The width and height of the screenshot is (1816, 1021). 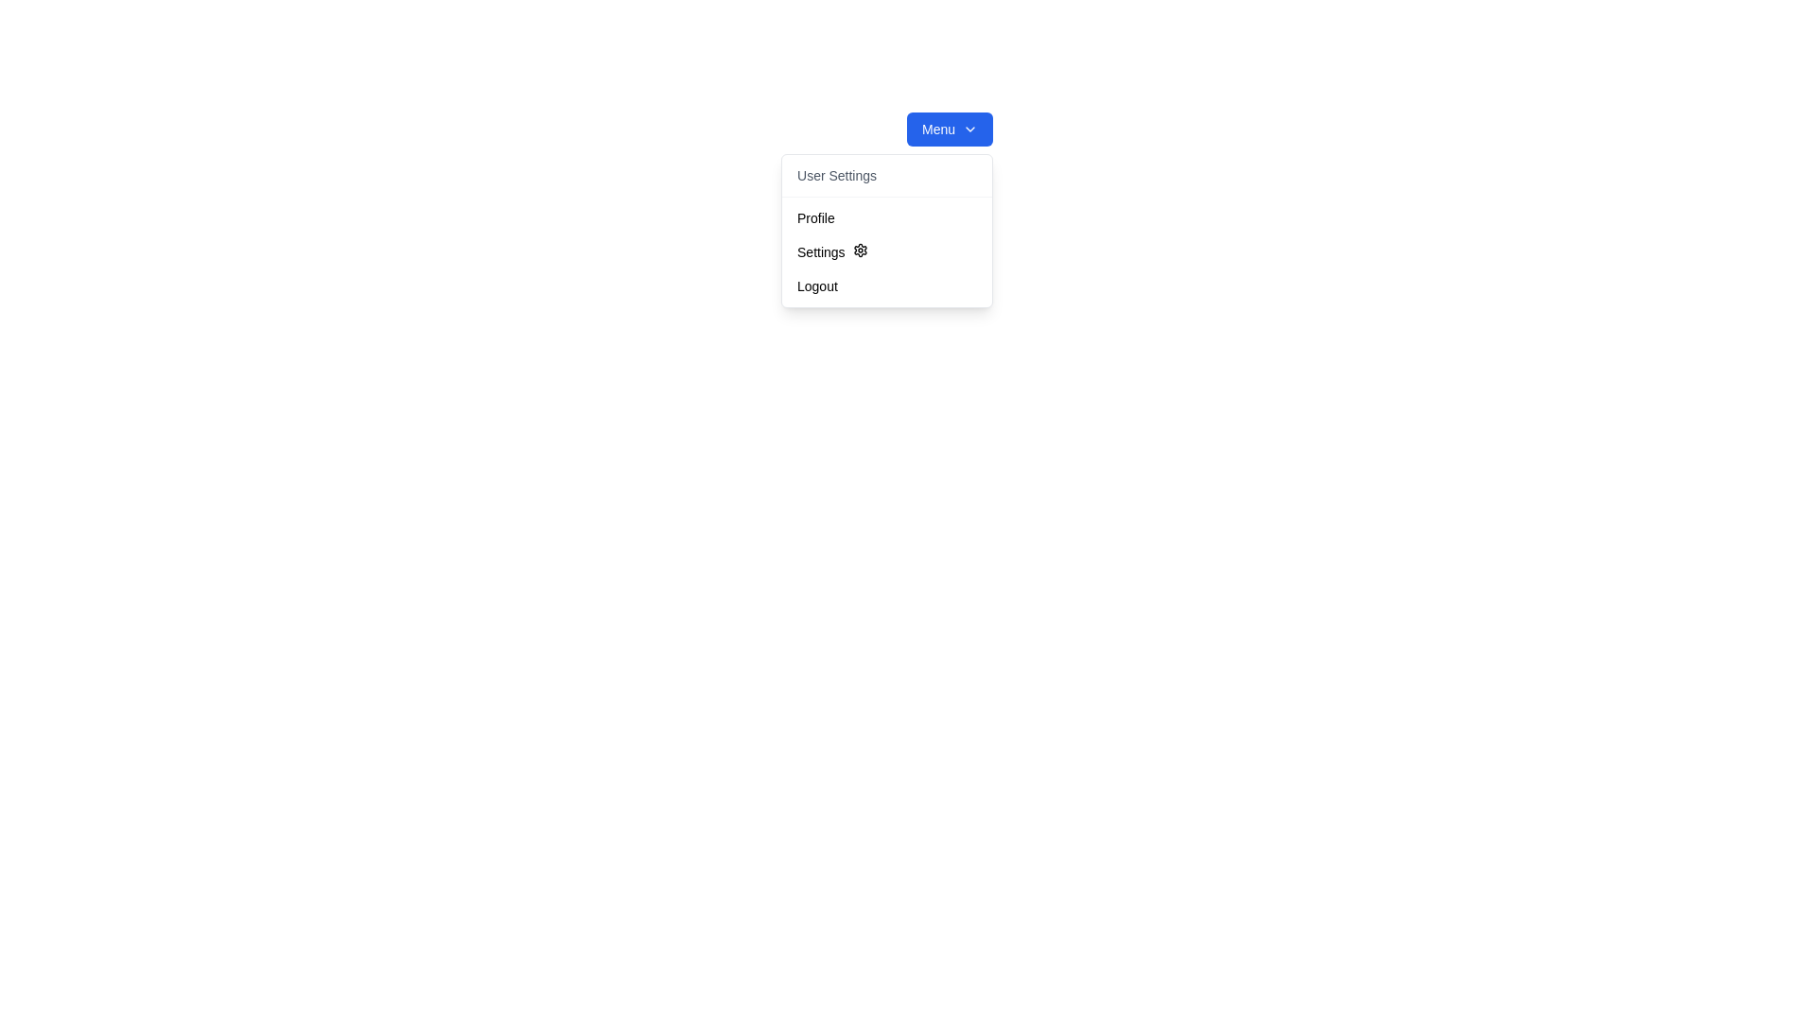 What do you see at coordinates (859, 250) in the screenshot?
I see `the cogwheel icon located to the right of the 'Settings' text in the dropdown menu under 'User Settings'` at bounding box center [859, 250].